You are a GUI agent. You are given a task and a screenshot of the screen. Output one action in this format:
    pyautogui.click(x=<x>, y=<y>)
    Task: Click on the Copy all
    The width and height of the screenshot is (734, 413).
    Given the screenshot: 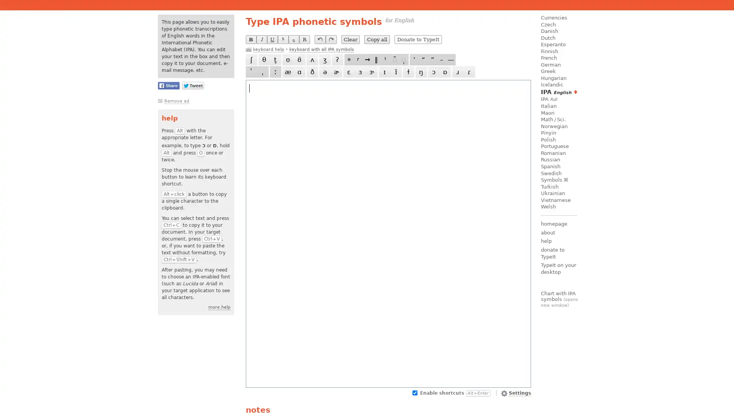 What is the action you would take?
    pyautogui.click(x=377, y=39)
    